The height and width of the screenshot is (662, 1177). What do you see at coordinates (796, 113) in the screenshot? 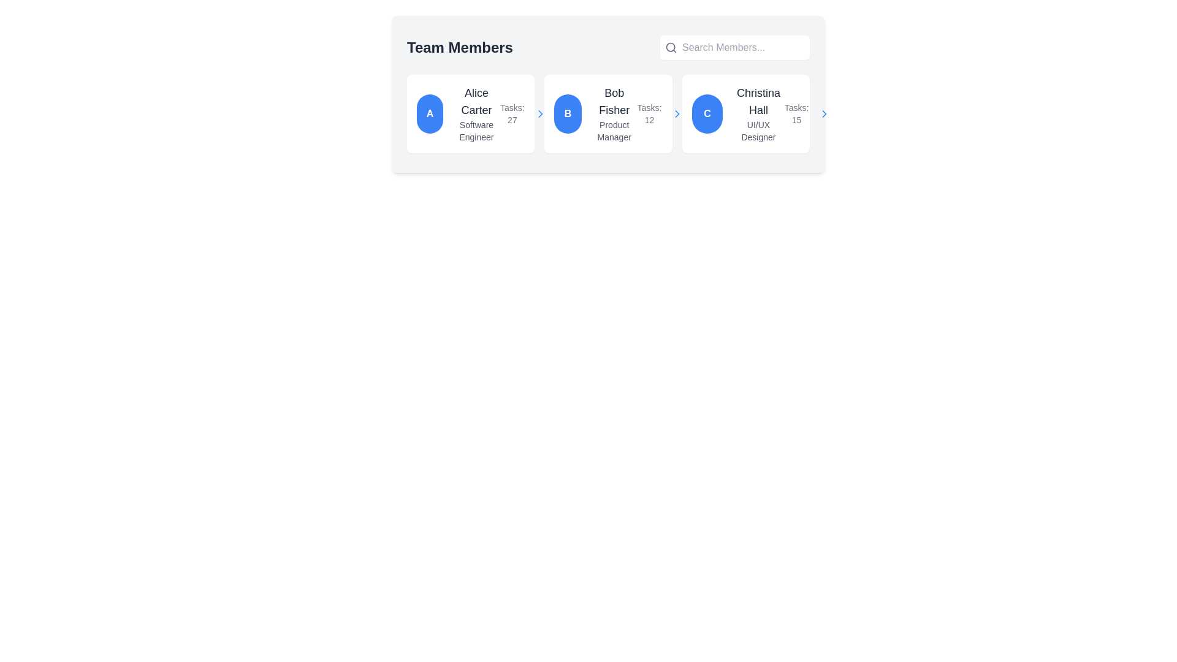
I see `the informational text label indicating the number of tasks assigned to Christina Hall within her profile card` at bounding box center [796, 113].